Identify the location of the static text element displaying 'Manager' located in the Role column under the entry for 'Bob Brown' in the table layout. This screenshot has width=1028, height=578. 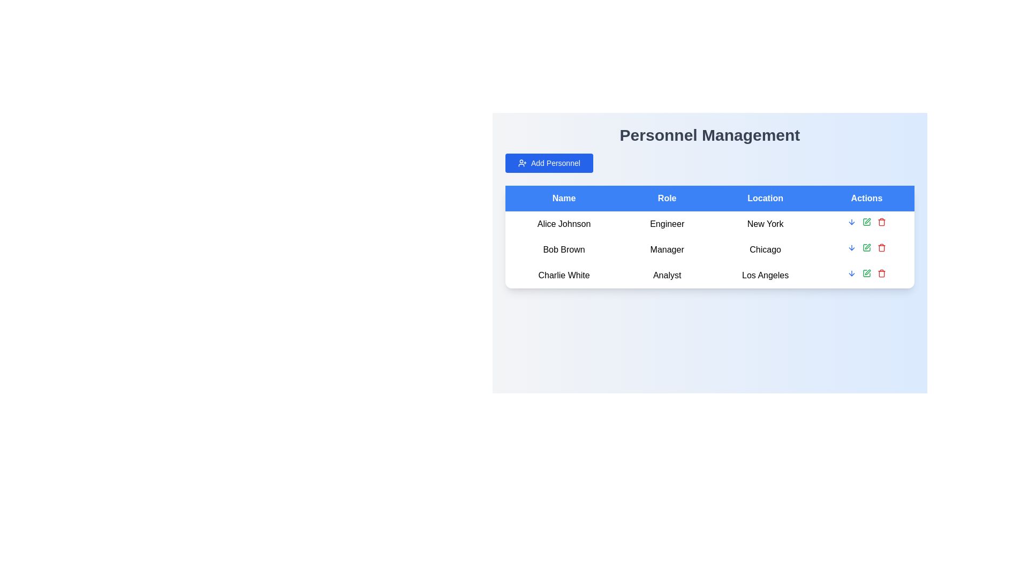
(667, 249).